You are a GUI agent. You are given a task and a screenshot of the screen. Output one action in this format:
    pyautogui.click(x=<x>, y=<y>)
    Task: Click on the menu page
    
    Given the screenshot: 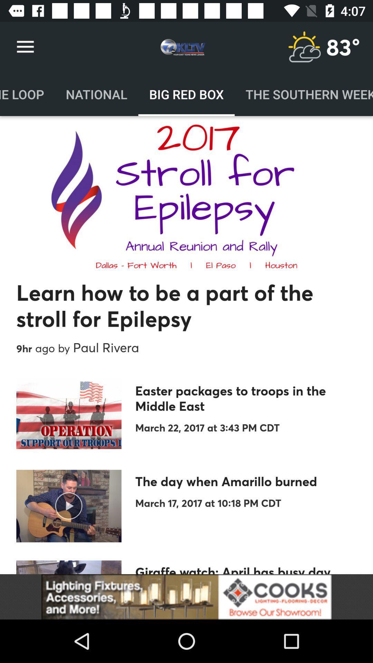 What is the action you would take?
    pyautogui.click(x=304, y=47)
    